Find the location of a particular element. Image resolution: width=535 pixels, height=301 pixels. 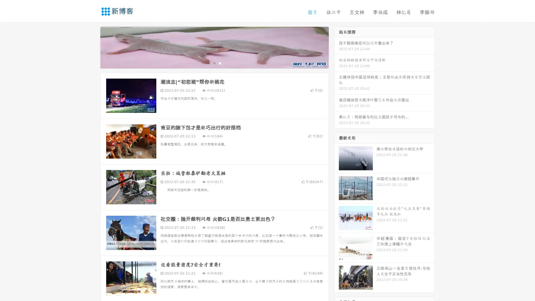

Previous slide is located at coordinates (92, 47).